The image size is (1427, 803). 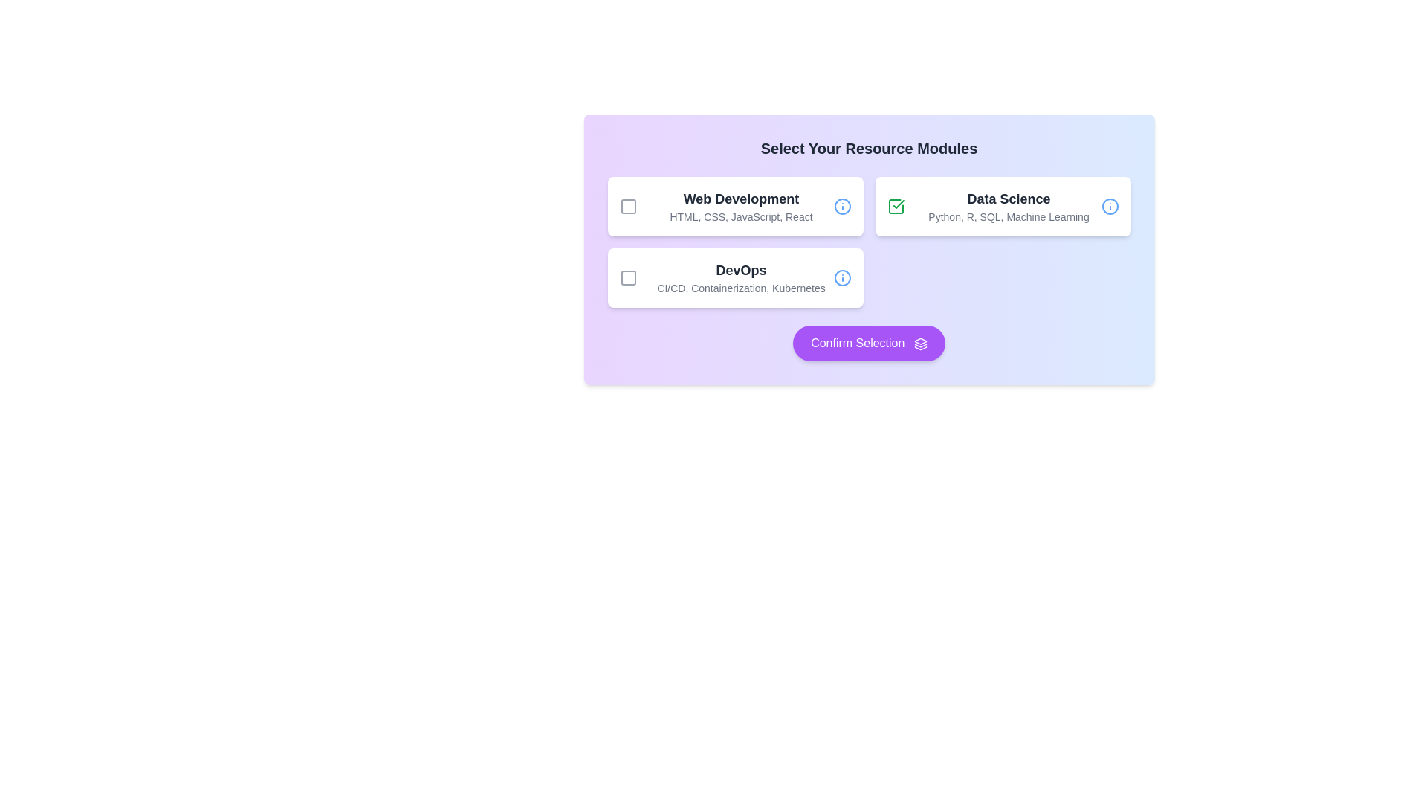 What do you see at coordinates (895, 206) in the screenshot?
I see `the checkbox for selecting the 'Data Science' resource module, which is located to the left of the 'Data Science' label in the second column` at bounding box center [895, 206].